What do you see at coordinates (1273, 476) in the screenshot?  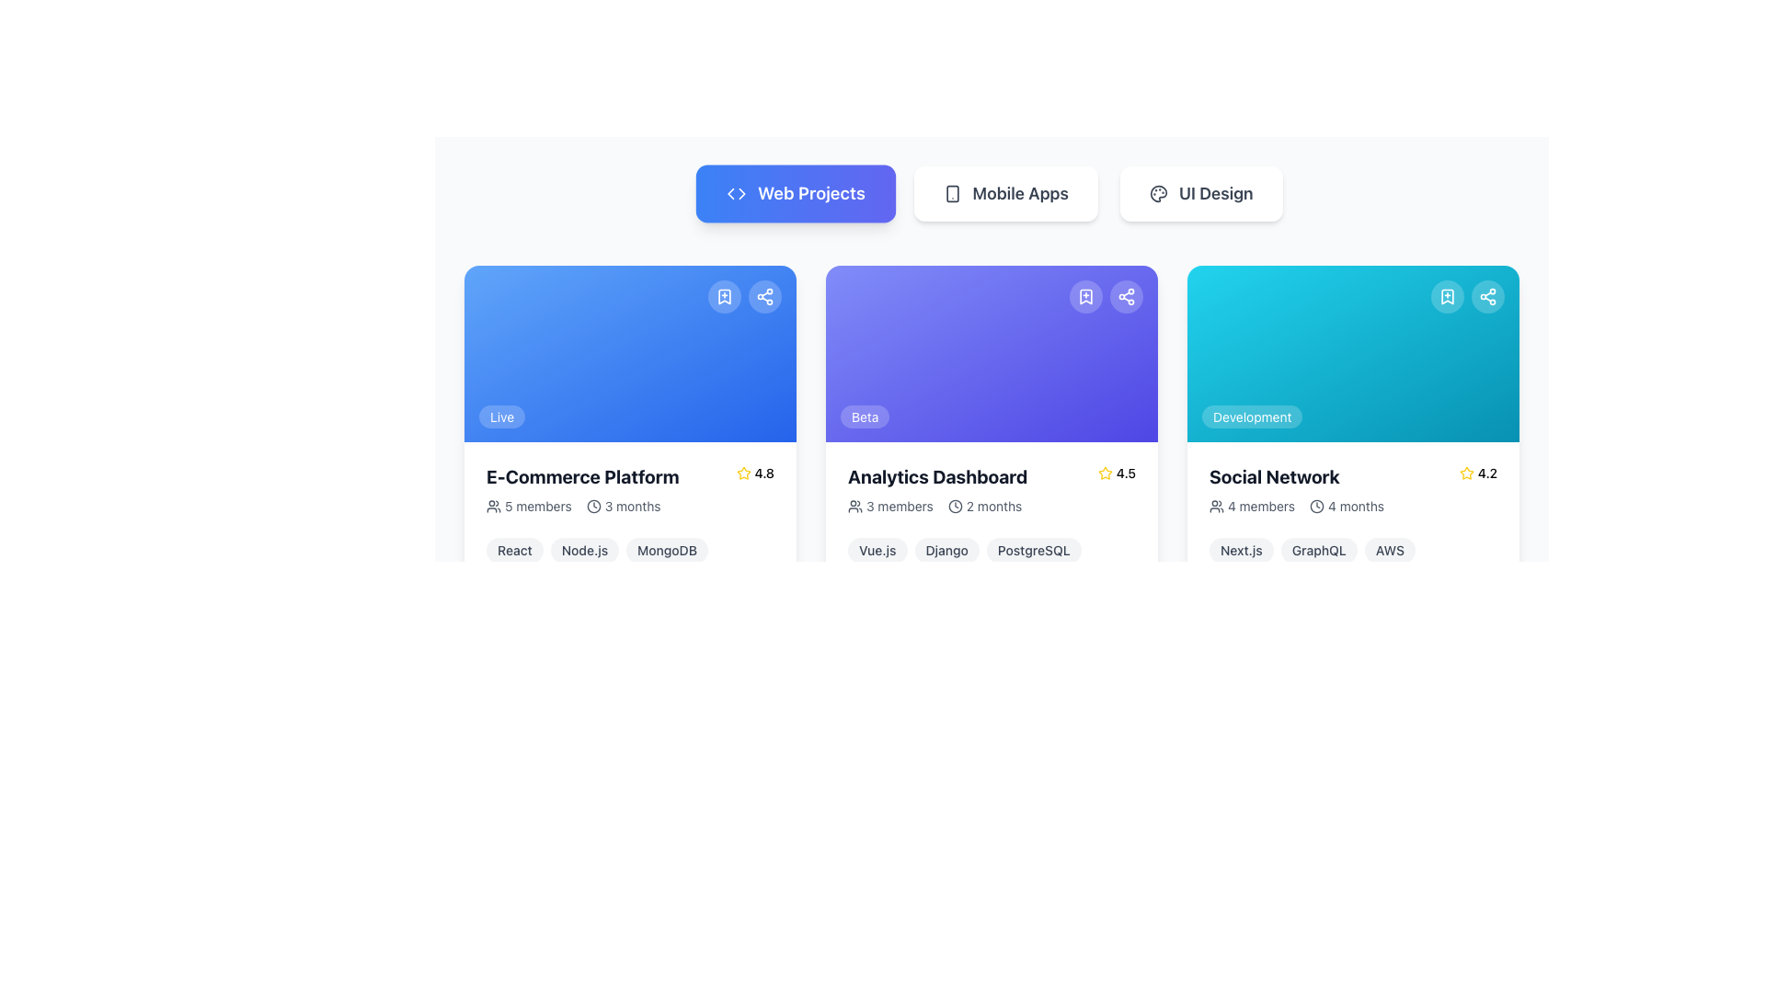 I see `text from the title label of the project item located in the third card under the 'Web Projects' tab` at bounding box center [1273, 476].